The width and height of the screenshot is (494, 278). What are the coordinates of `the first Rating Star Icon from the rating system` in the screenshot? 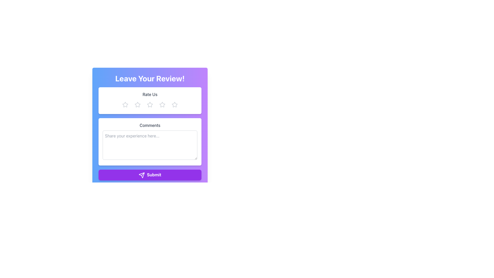 It's located at (125, 104).